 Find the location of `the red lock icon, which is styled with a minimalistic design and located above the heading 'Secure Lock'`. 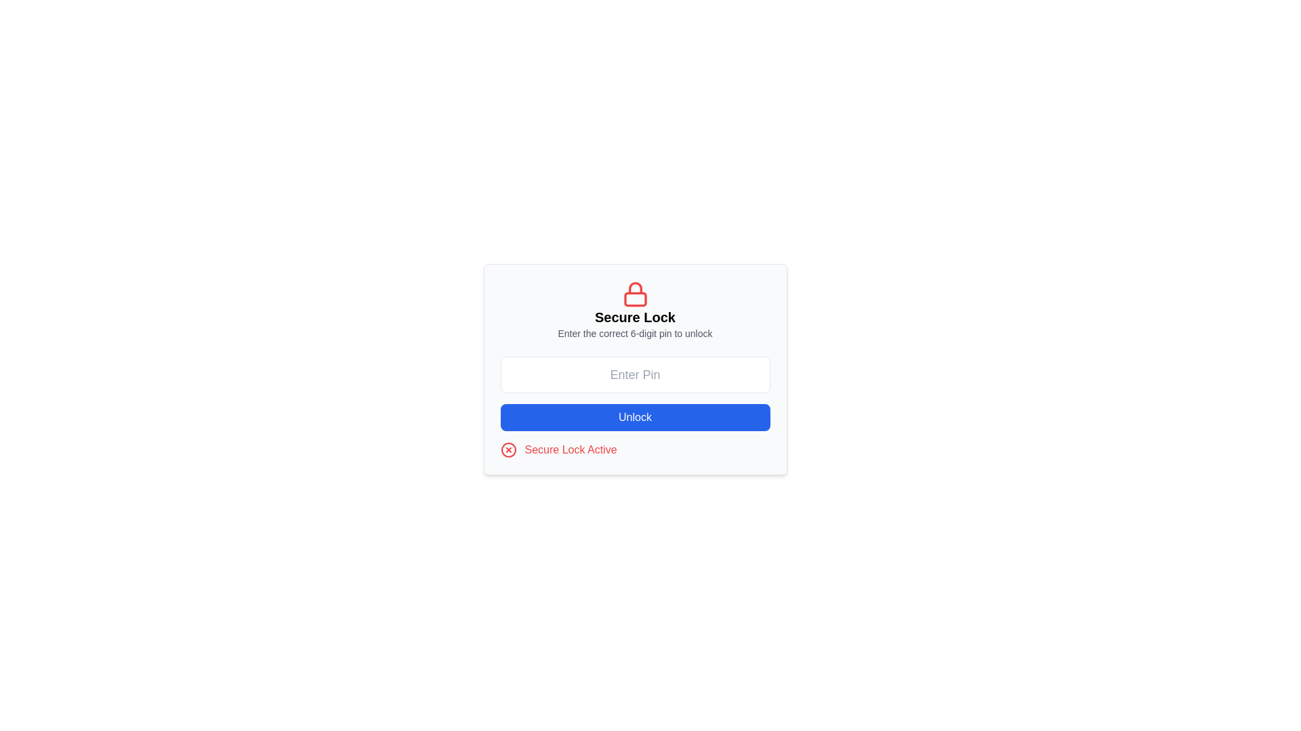

the red lock icon, which is styled with a minimalistic design and located above the heading 'Secure Lock' is located at coordinates (634, 294).